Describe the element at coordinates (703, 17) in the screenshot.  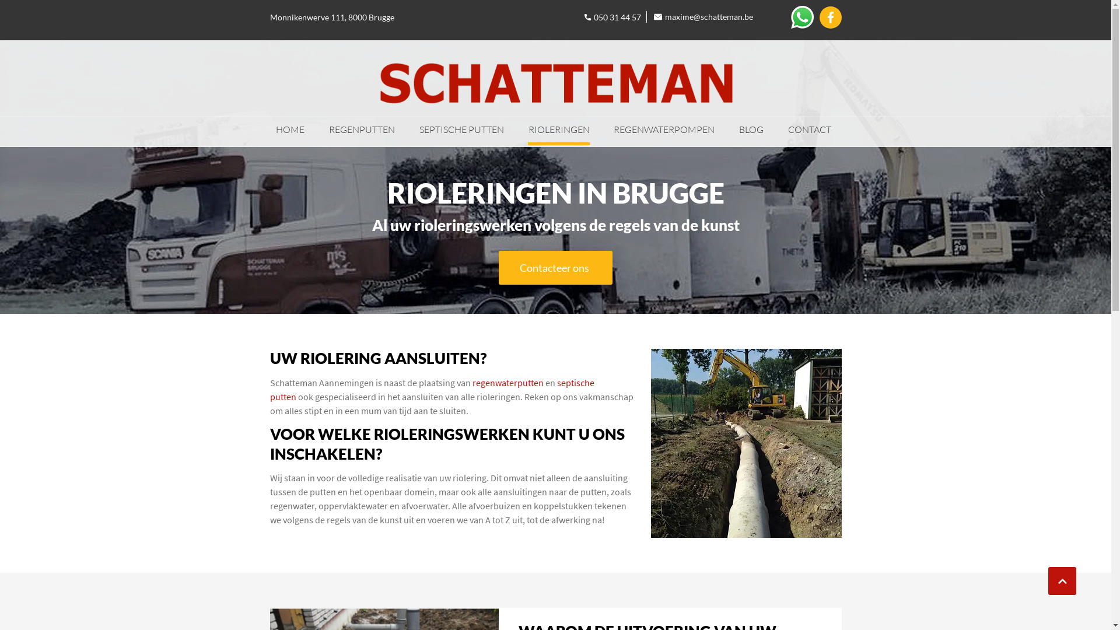
I see `'maxime@schatteman.be'` at that location.